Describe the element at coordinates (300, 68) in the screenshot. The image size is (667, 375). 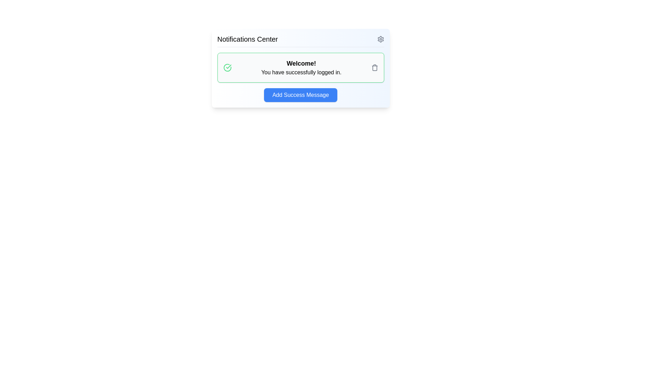
I see `message displayed in the message notification titled 'Welcome!' that includes the text 'You have successfully logged in.'` at that location.